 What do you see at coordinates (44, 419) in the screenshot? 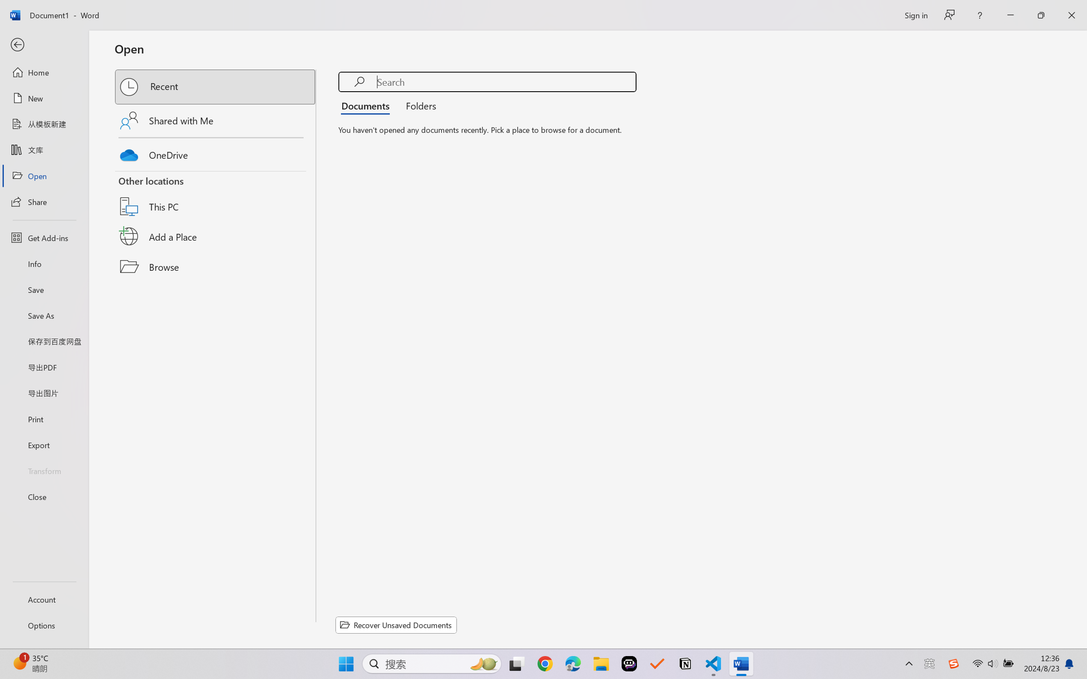
I see `'Print'` at bounding box center [44, 419].